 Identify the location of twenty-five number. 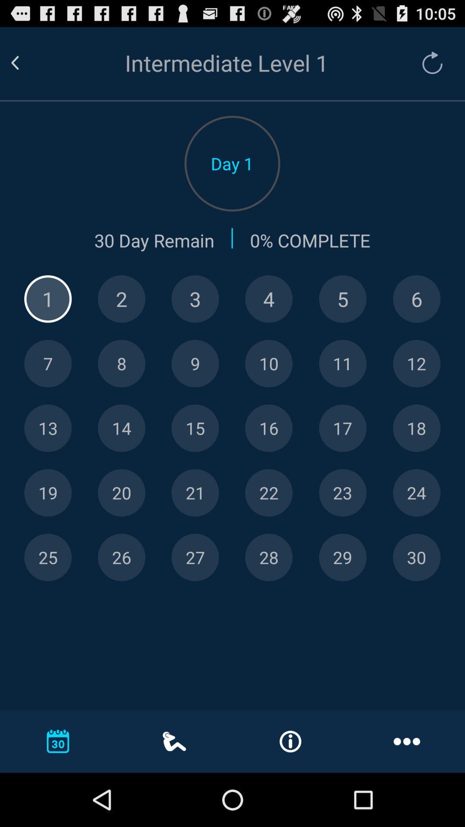
(48, 557).